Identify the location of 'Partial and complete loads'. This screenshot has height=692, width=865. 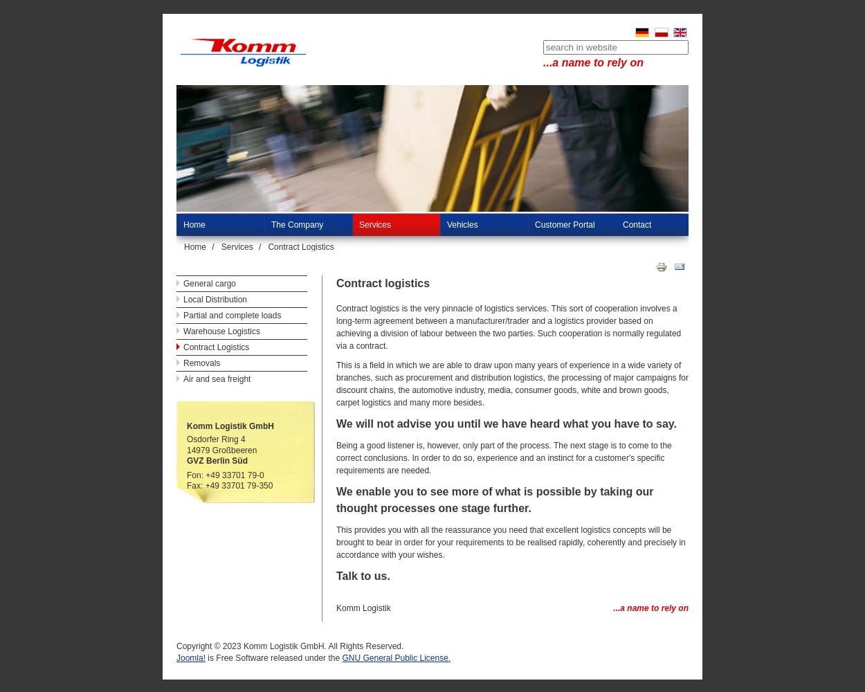
(231, 315).